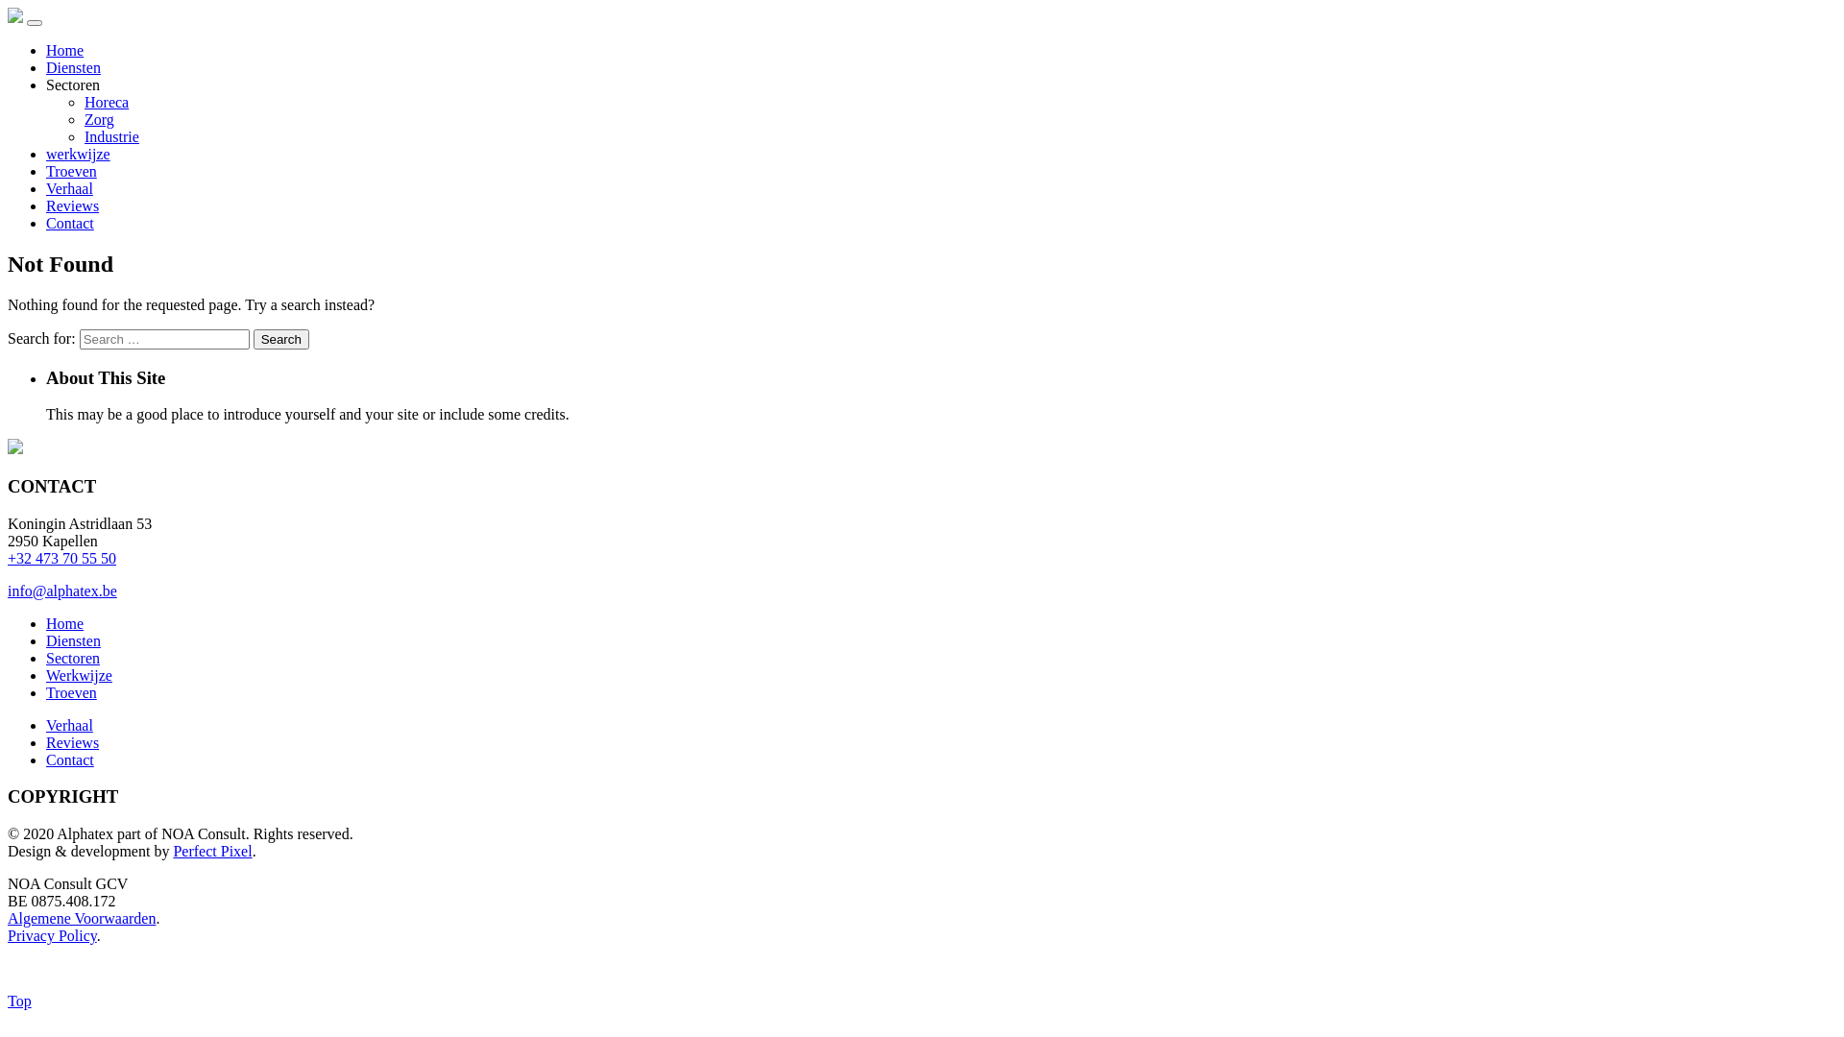 The image size is (1844, 1037). I want to click on 'Reviews', so click(72, 205).